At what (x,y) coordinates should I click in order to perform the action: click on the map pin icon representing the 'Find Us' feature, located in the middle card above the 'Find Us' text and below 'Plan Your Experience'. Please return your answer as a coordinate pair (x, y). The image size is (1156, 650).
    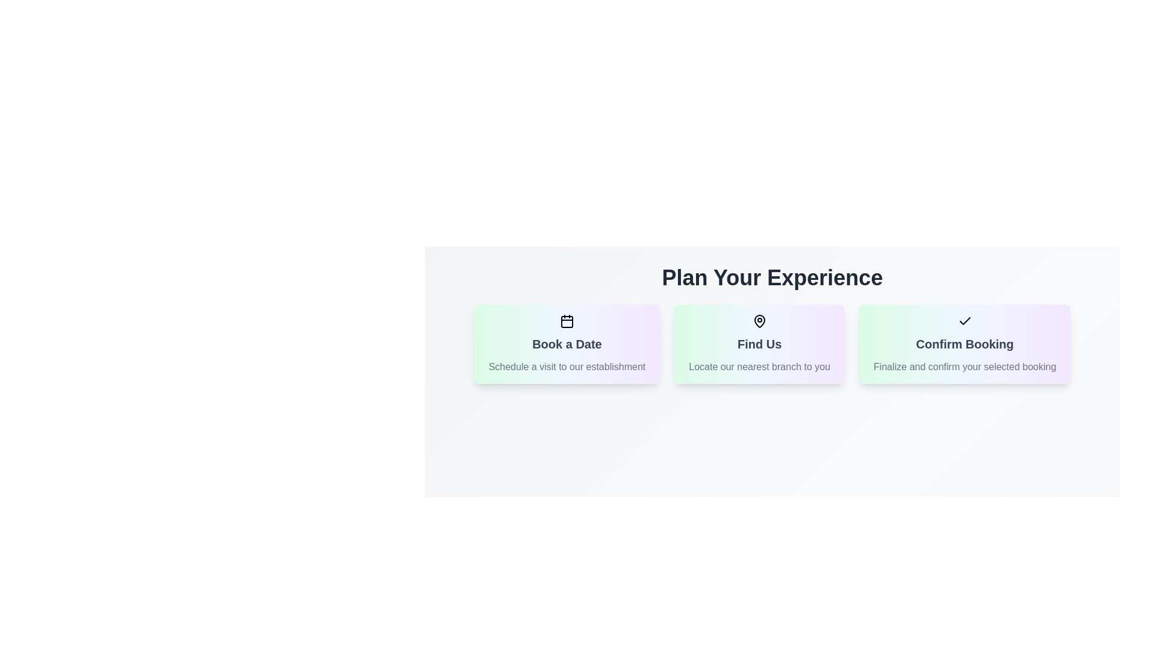
    Looking at the image, I should click on (759, 320).